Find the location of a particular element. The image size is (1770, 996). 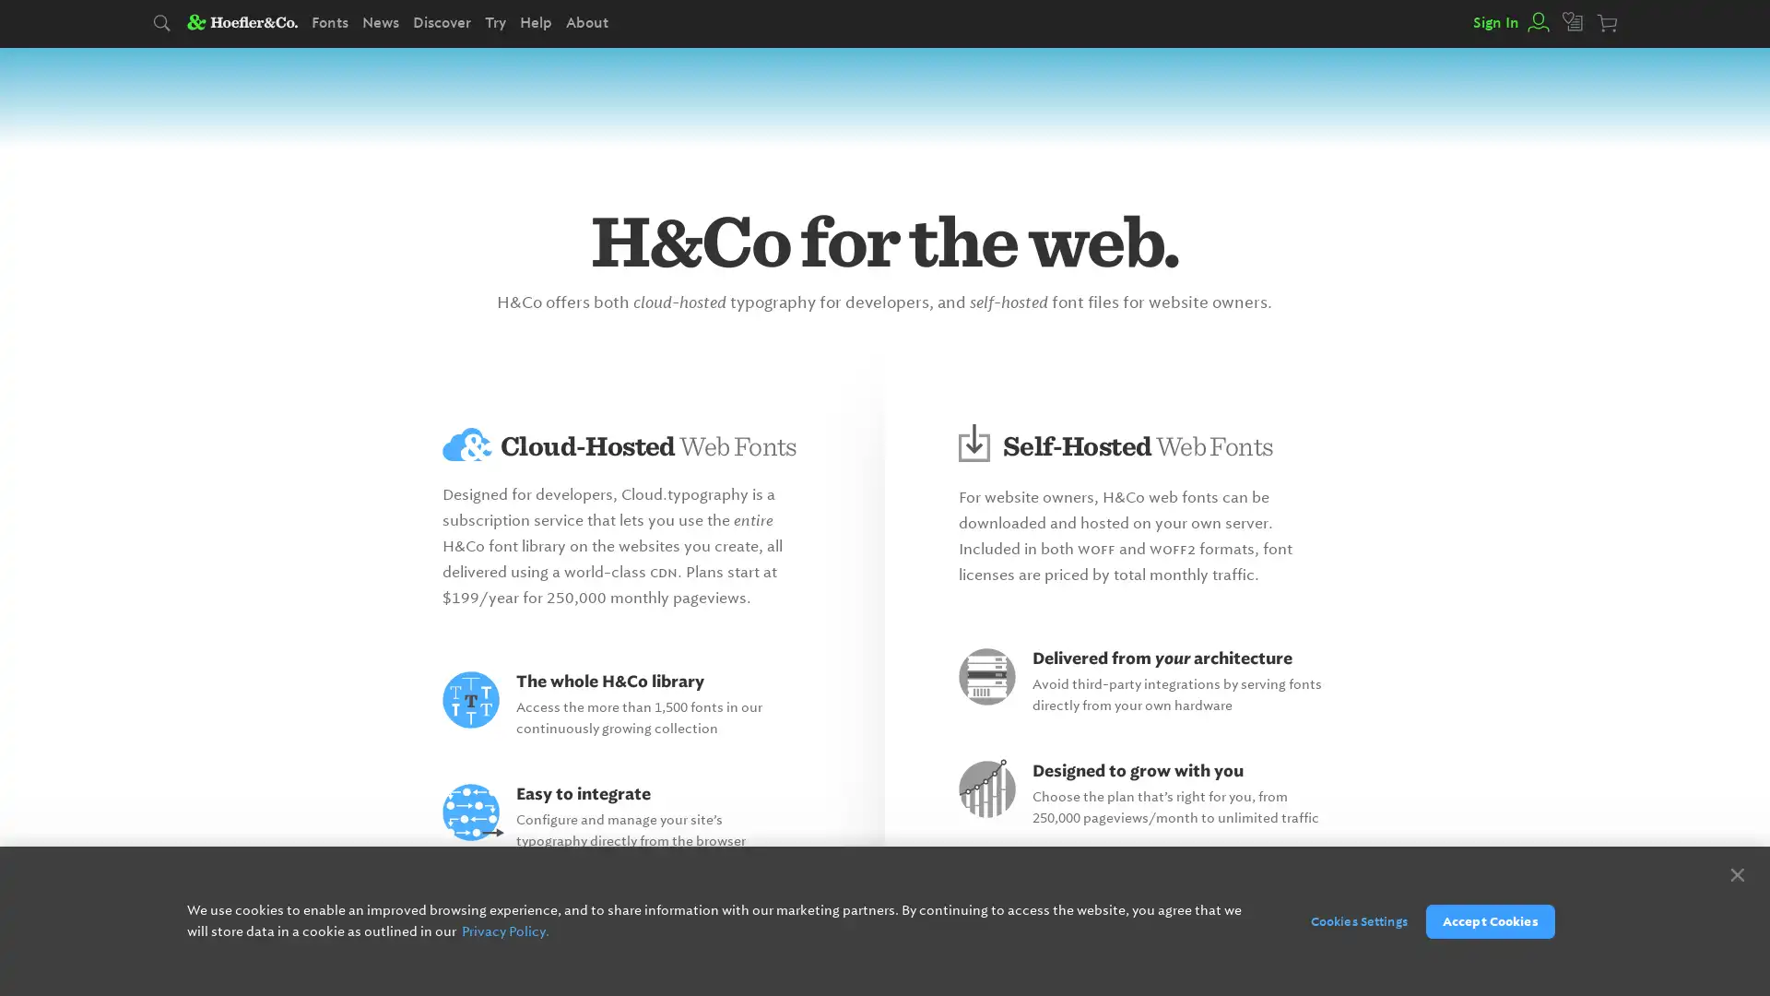

Close is located at coordinates (1736, 873).